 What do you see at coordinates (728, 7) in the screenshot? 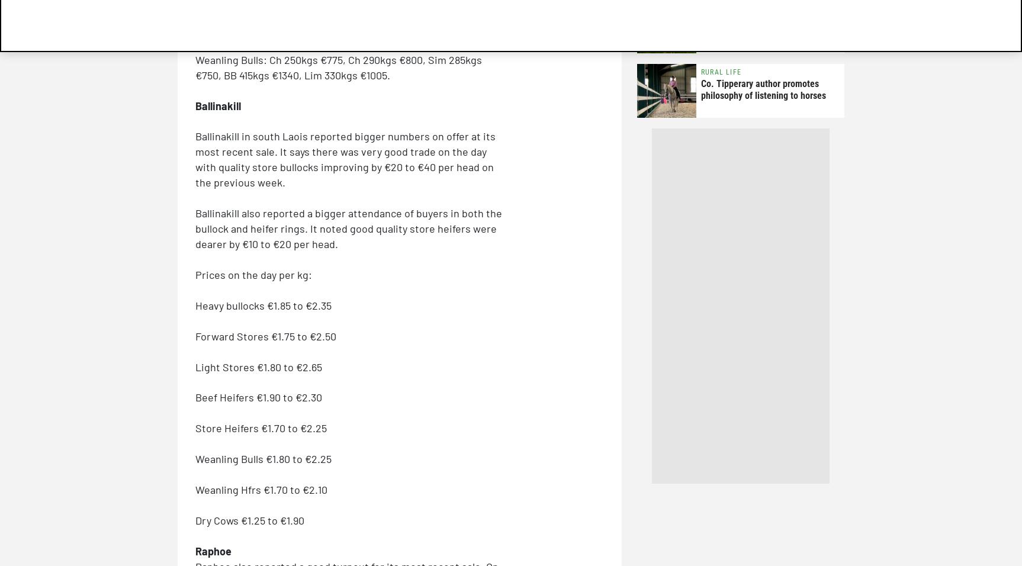
I see `'CAP / Schemes'` at bounding box center [728, 7].